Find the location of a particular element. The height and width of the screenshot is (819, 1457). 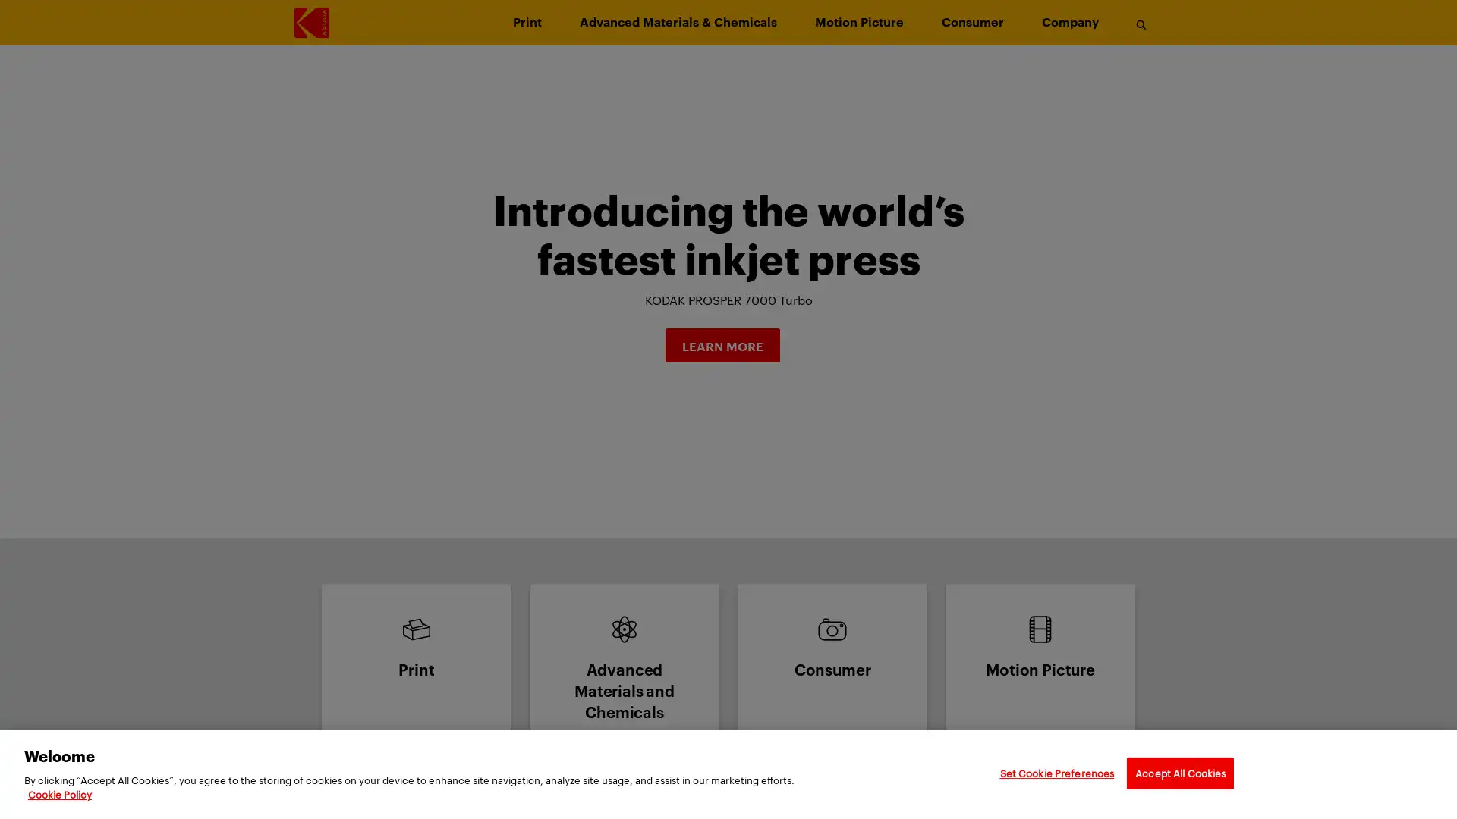

Set Cookie Preferences is located at coordinates (1056, 773).